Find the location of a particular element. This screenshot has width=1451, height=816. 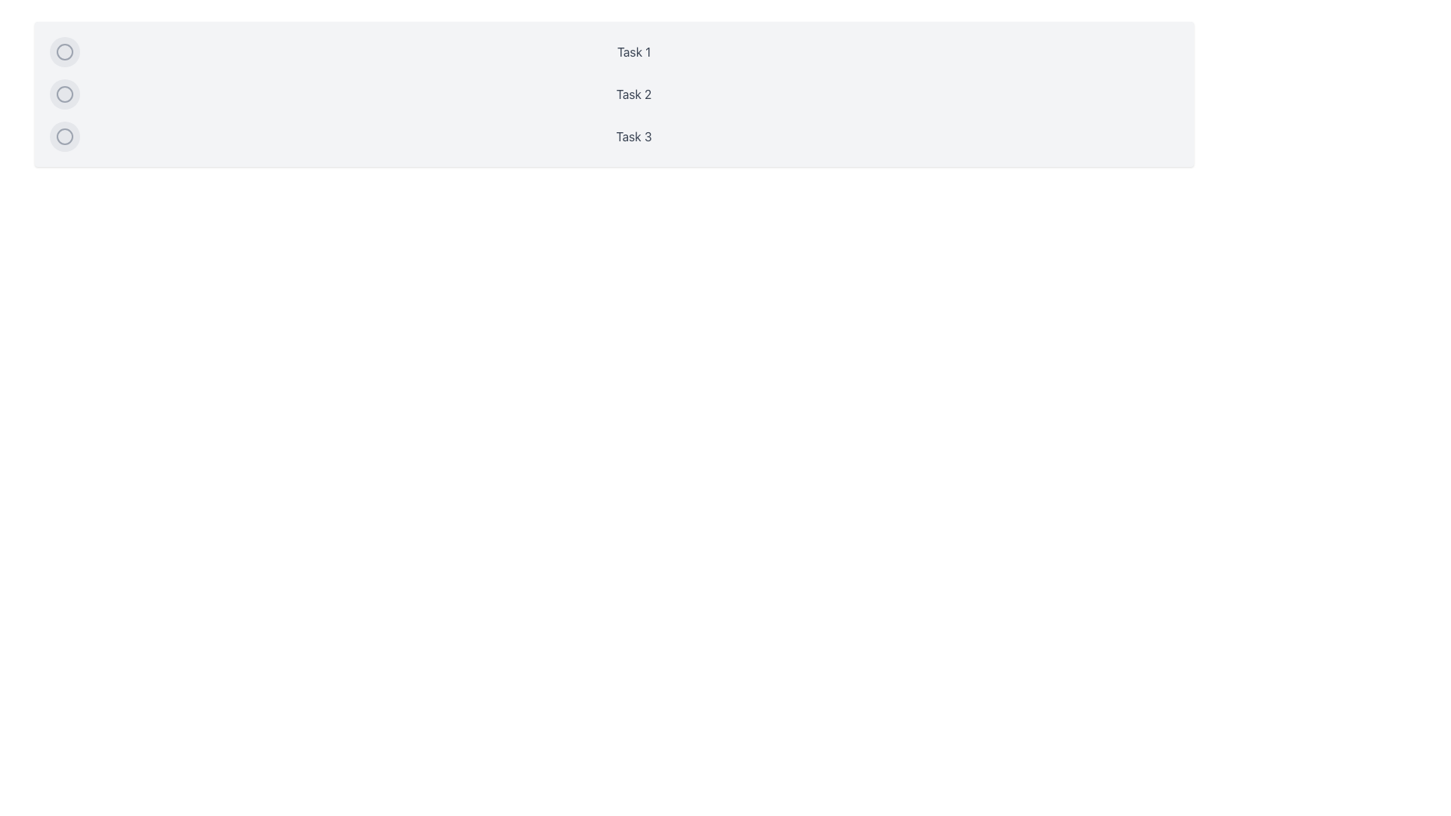

the second radio button in the list, which is a circular icon with a gray border and transparent center is located at coordinates (64, 94).